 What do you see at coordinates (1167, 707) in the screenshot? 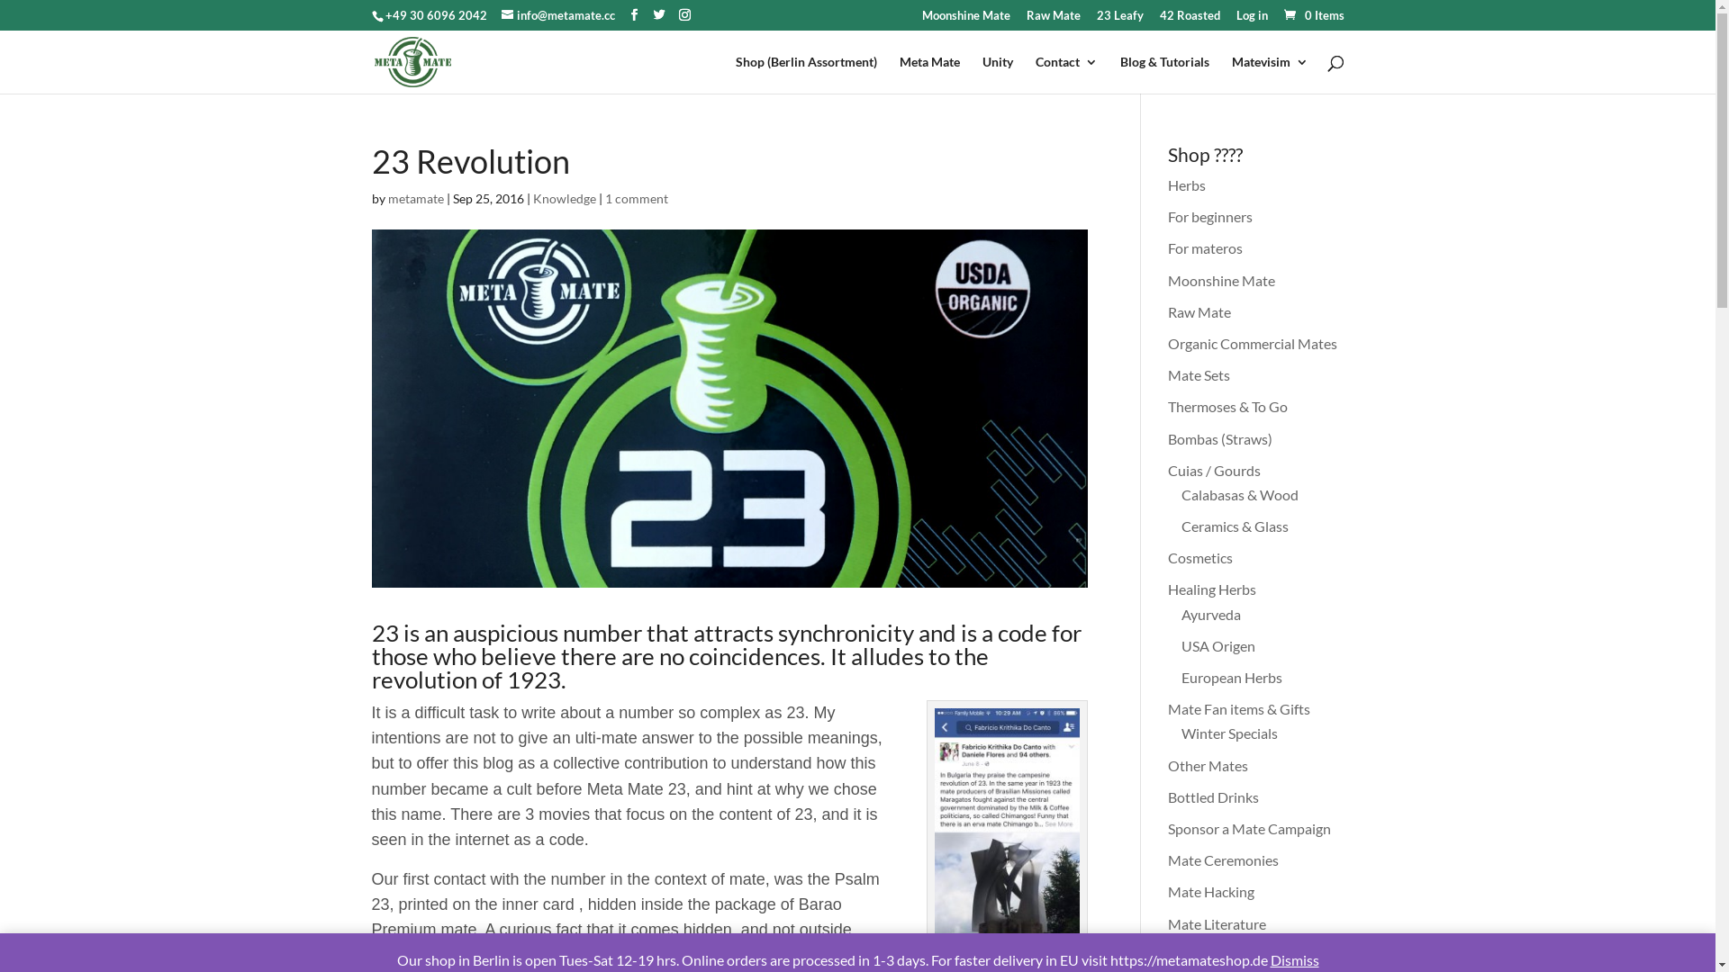
I see `'Mate Fan items & Gifts'` at bounding box center [1167, 707].